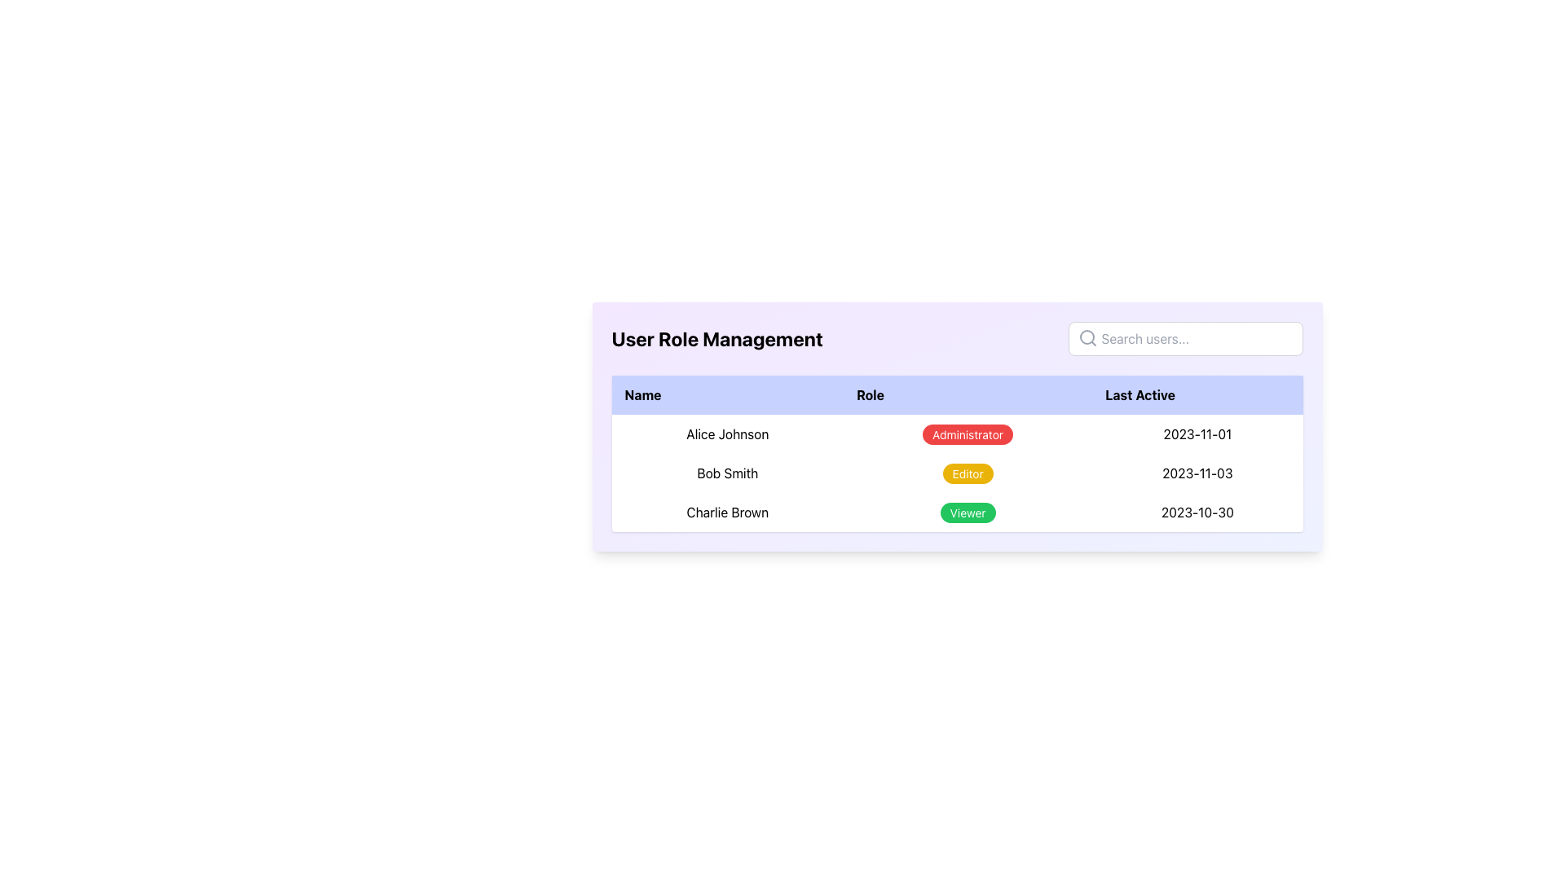  What do you see at coordinates (726, 433) in the screenshot?
I see `the text label displaying 'Alice Johnson' in the tabular interface, which indicates her identity as part of the row's data` at bounding box center [726, 433].